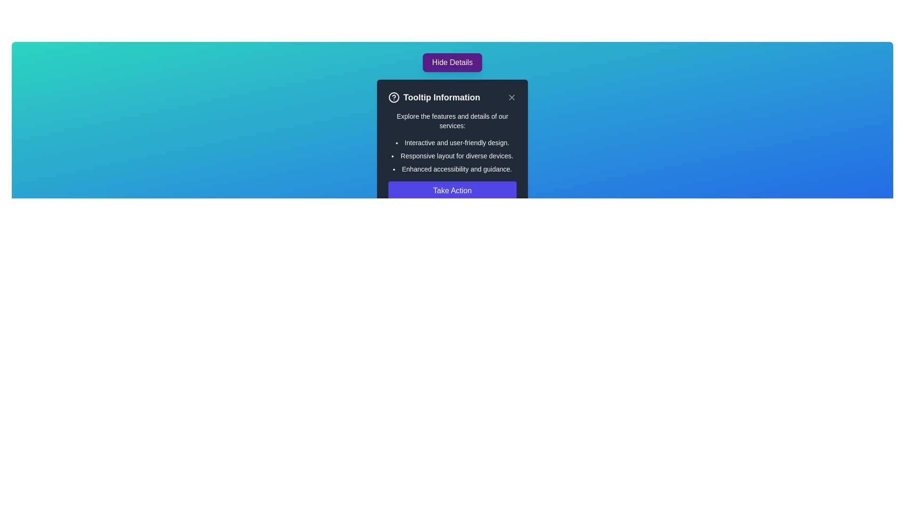  What do you see at coordinates (394, 98) in the screenshot?
I see `the circular icon with a question mark located to the left of the text 'Tooltip Information'` at bounding box center [394, 98].